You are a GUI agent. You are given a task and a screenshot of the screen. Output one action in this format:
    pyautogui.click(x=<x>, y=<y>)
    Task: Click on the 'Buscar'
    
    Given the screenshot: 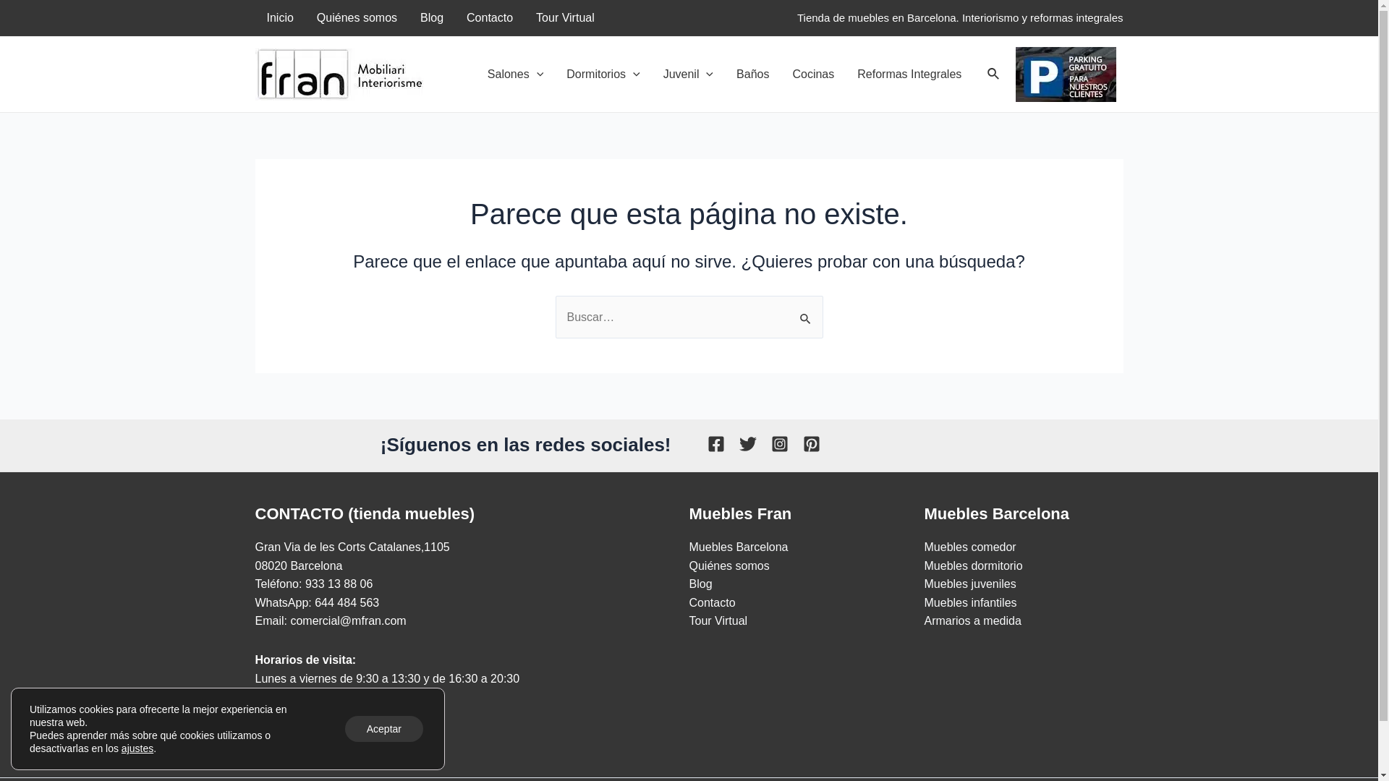 What is the action you would take?
    pyautogui.click(x=993, y=74)
    